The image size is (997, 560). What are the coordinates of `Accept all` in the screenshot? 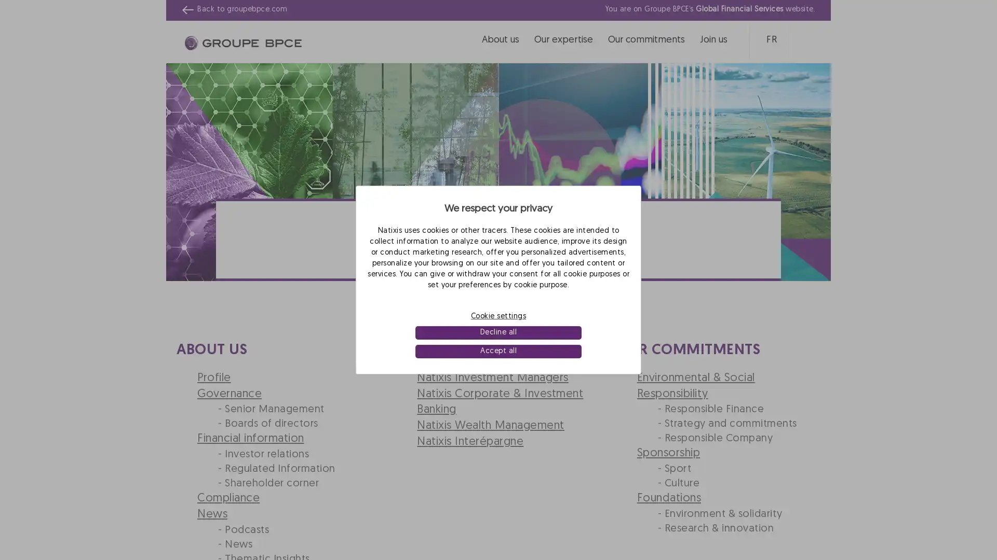 It's located at (497, 351).